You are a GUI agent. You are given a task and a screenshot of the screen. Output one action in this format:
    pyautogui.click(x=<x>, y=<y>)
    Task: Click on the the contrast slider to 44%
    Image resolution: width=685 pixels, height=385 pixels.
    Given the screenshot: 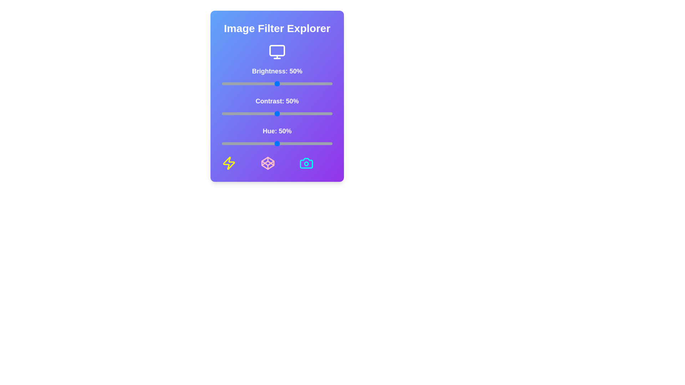 What is the action you would take?
    pyautogui.click(x=270, y=113)
    